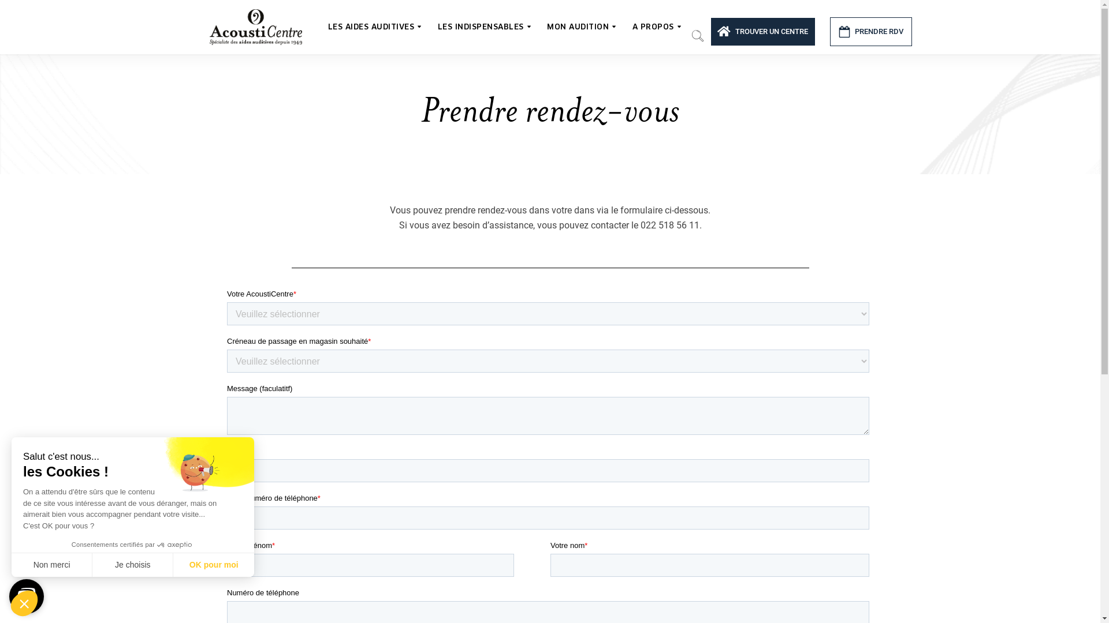 The image size is (1109, 623). I want to click on '022 518 56 11', so click(669, 225).